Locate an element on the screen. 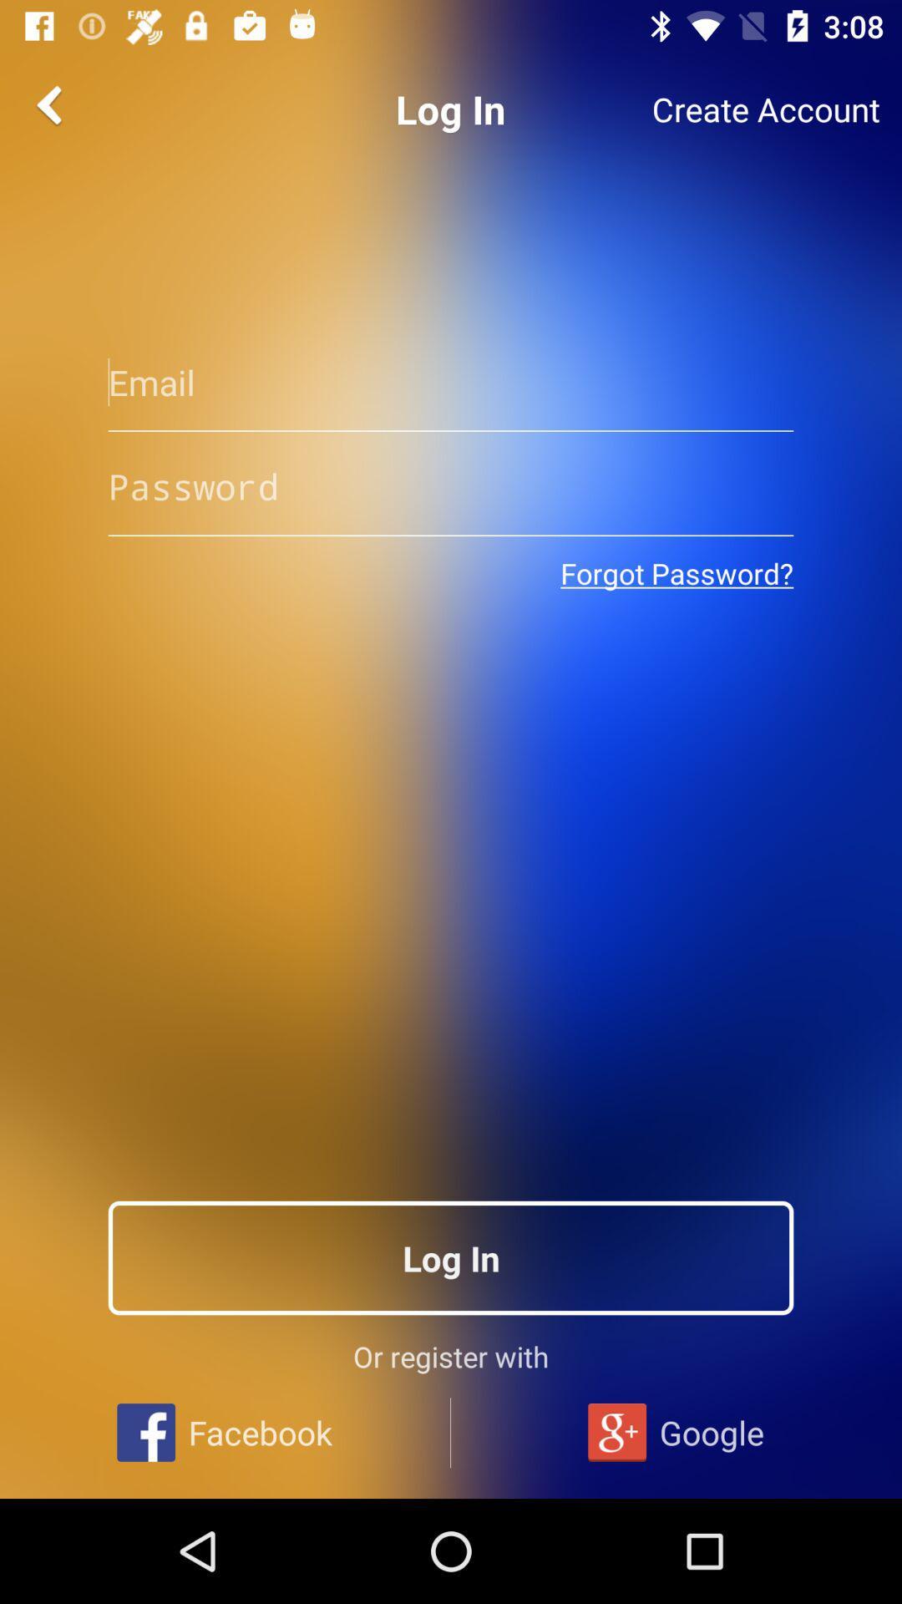  your password here is located at coordinates (451, 485).